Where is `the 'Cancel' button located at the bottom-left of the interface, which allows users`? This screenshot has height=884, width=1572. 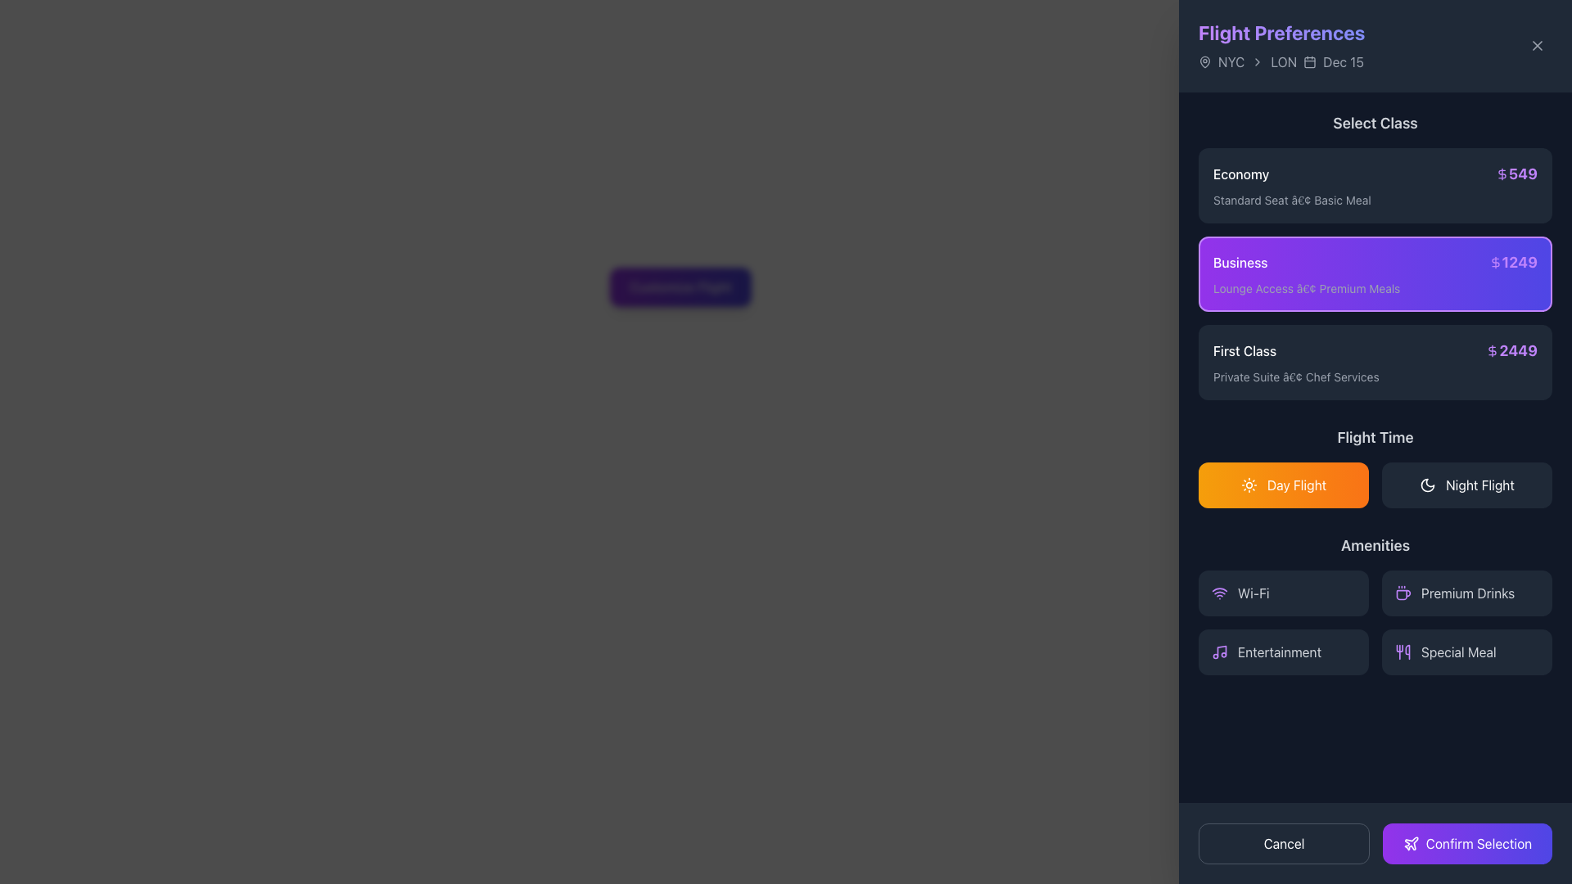 the 'Cancel' button located at the bottom-left of the interface, which allows users is located at coordinates (1283, 843).